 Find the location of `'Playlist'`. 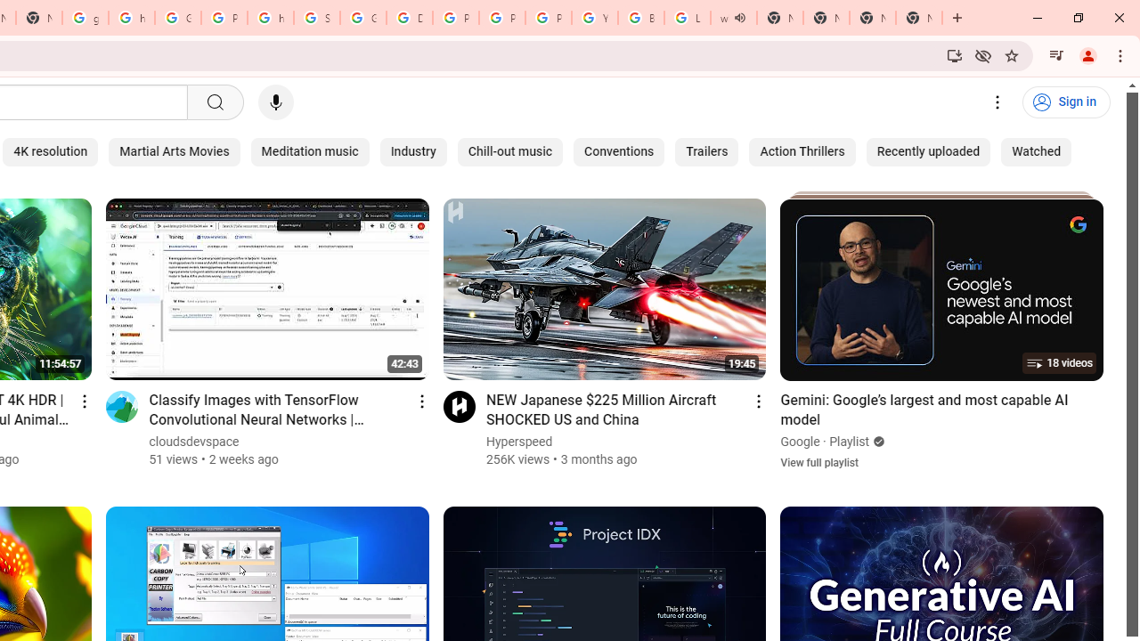

'Playlist' is located at coordinates (849, 441).